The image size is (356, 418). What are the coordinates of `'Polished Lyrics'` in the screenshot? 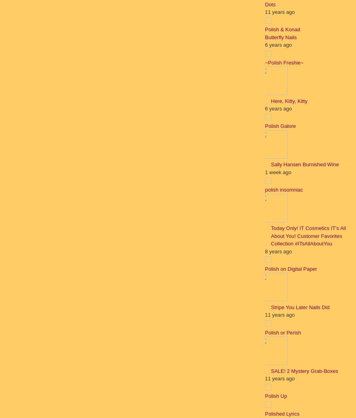 It's located at (281, 413).